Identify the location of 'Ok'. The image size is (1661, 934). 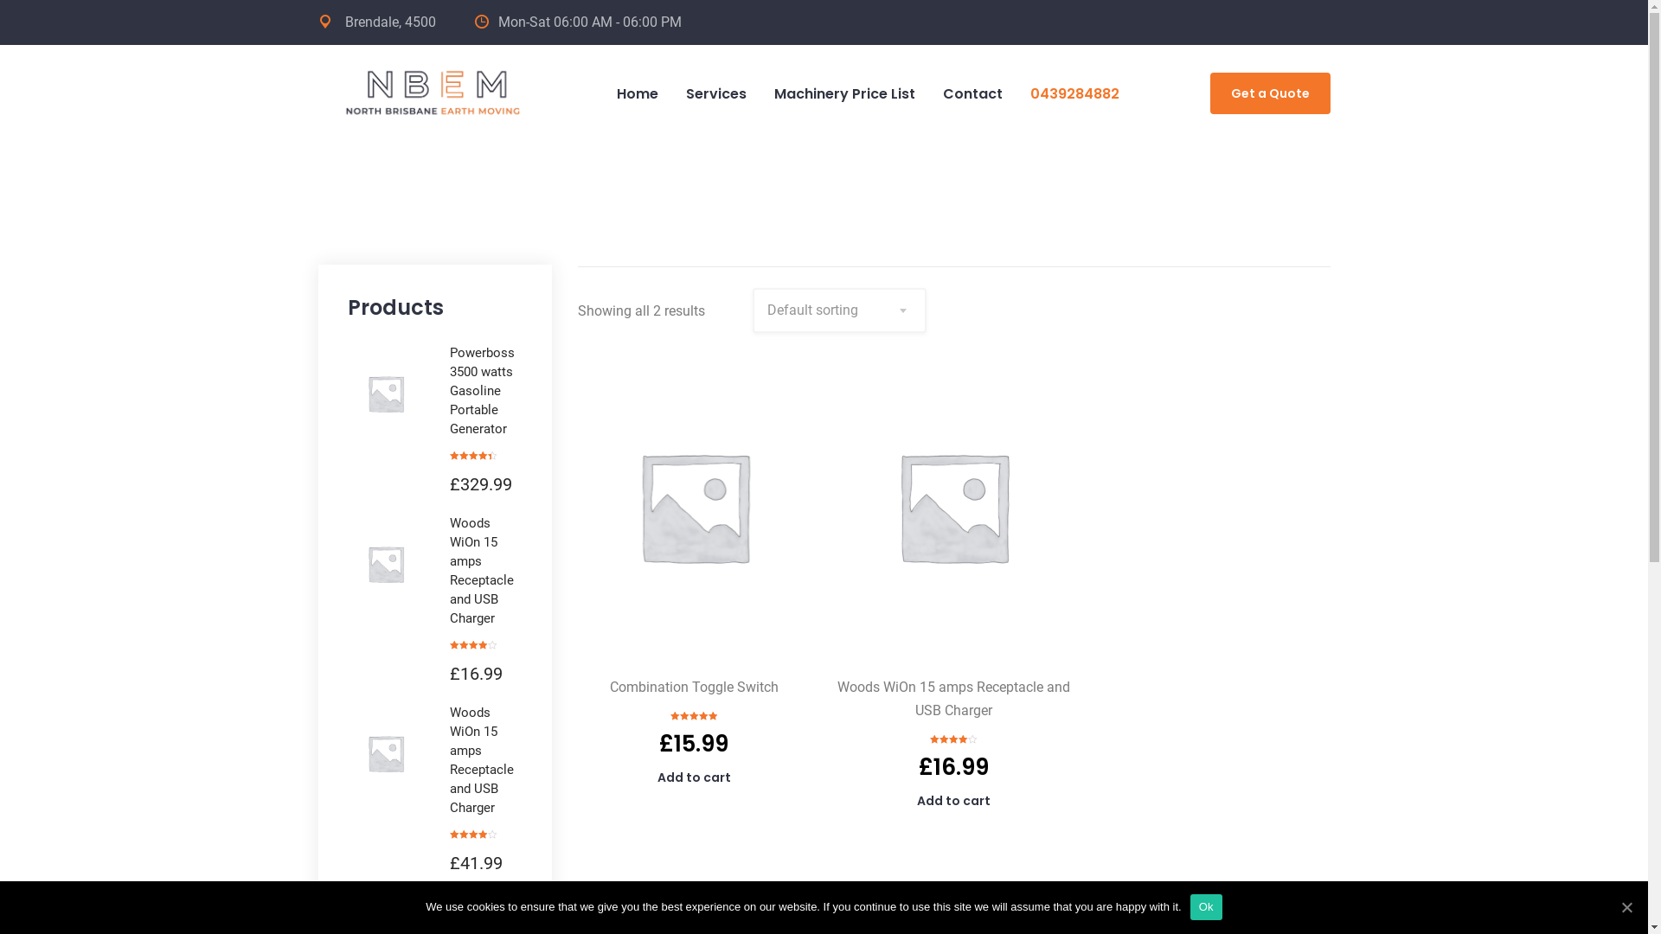
(1190, 906).